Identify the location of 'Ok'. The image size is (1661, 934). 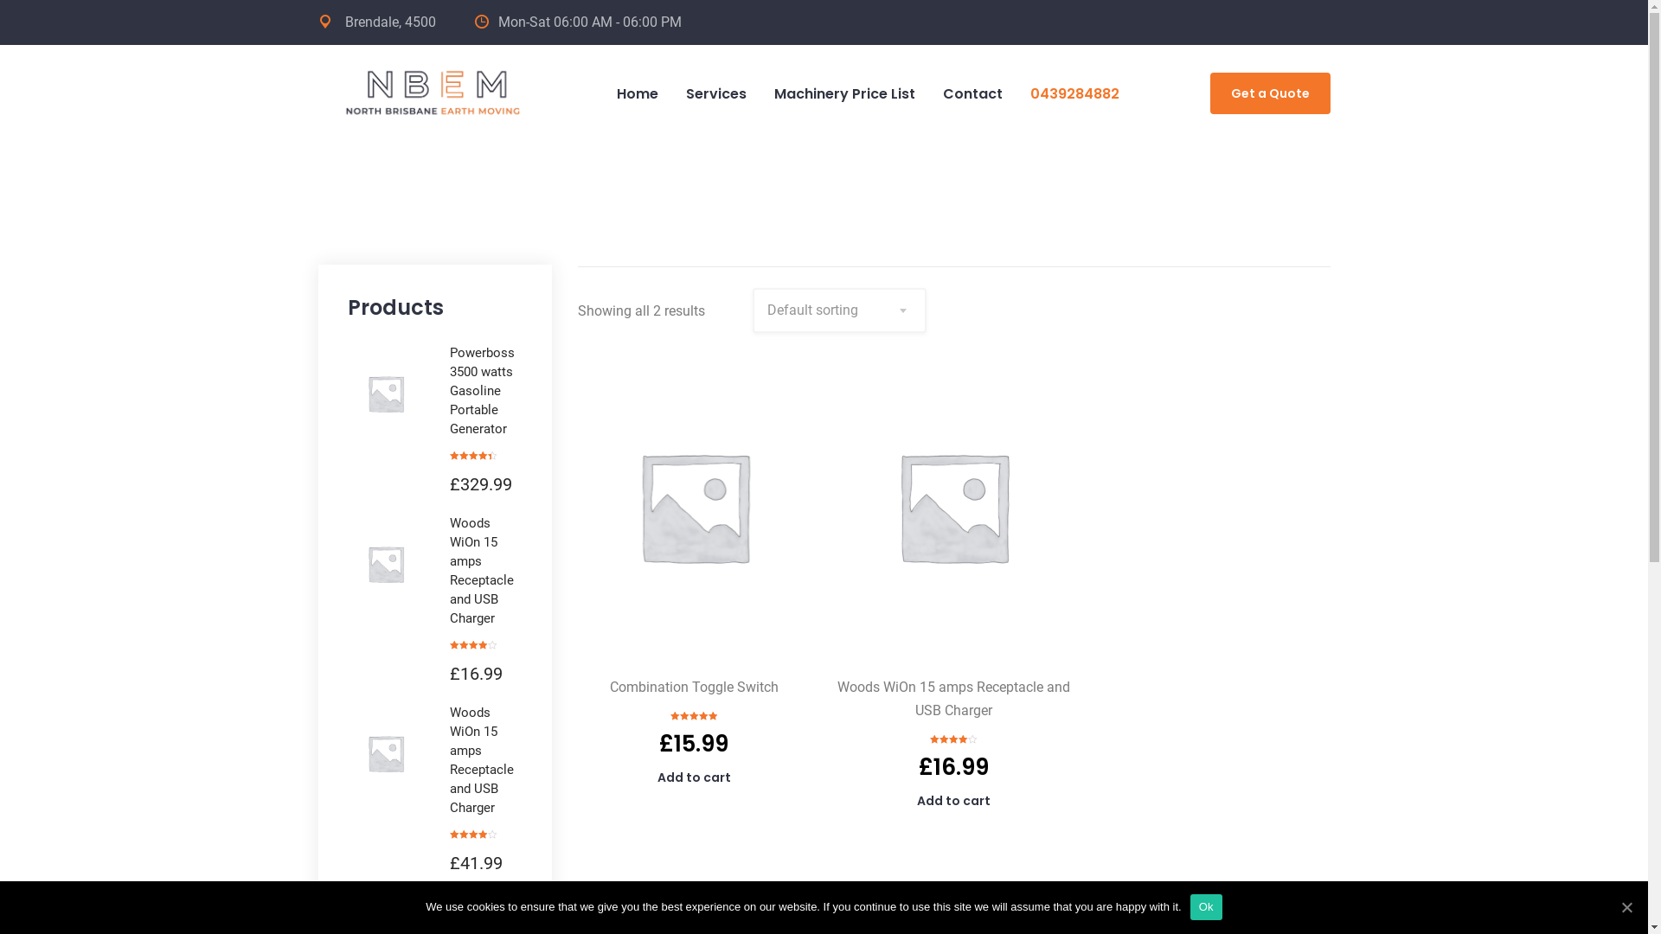
(1190, 906).